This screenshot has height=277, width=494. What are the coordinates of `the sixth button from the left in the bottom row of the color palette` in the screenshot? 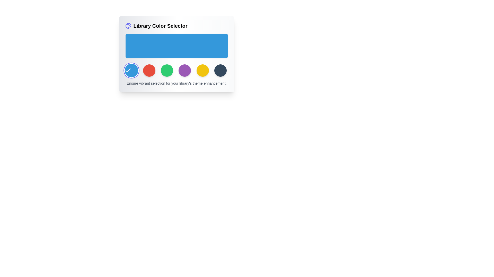 It's located at (202, 70).